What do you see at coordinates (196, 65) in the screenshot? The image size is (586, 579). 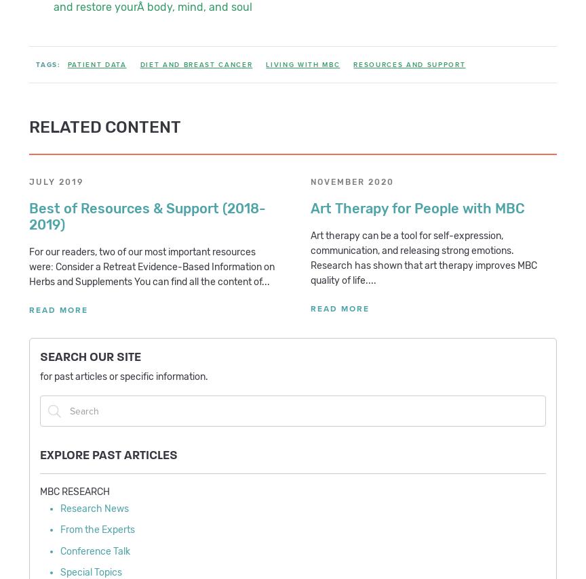 I see `'Diet and Breast Cancer'` at bounding box center [196, 65].